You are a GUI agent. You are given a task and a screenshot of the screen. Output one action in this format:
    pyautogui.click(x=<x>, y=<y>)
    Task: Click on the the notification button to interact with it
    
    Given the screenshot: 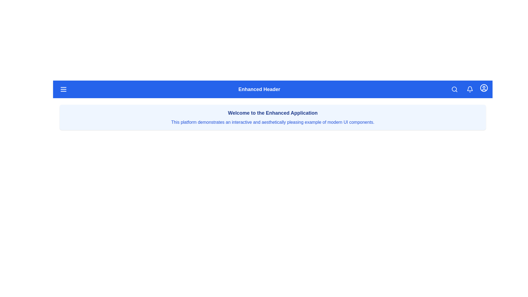 What is the action you would take?
    pyautogui.click(x=469, y=89)
    